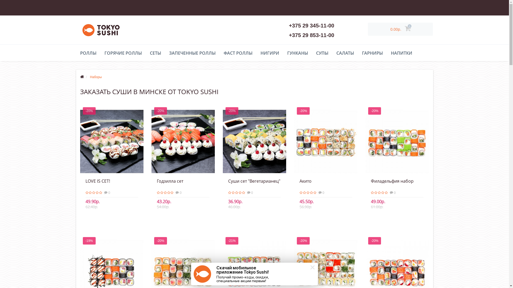  What do you see at coordinates (312, 26) in the screenshot?
I see `'+375 29 345-11-00'` at bounding box center [312, 26].